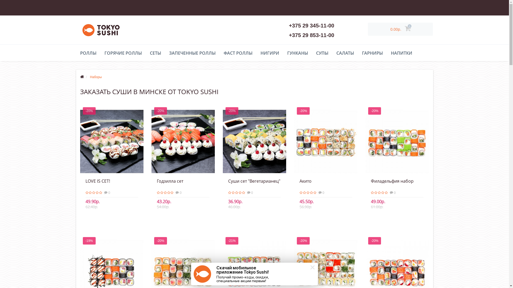  What do you see at coordinates (312, 26) in the screenshot?
I see `'+375 29 345-11-00'` at bounding box center [312, 26].